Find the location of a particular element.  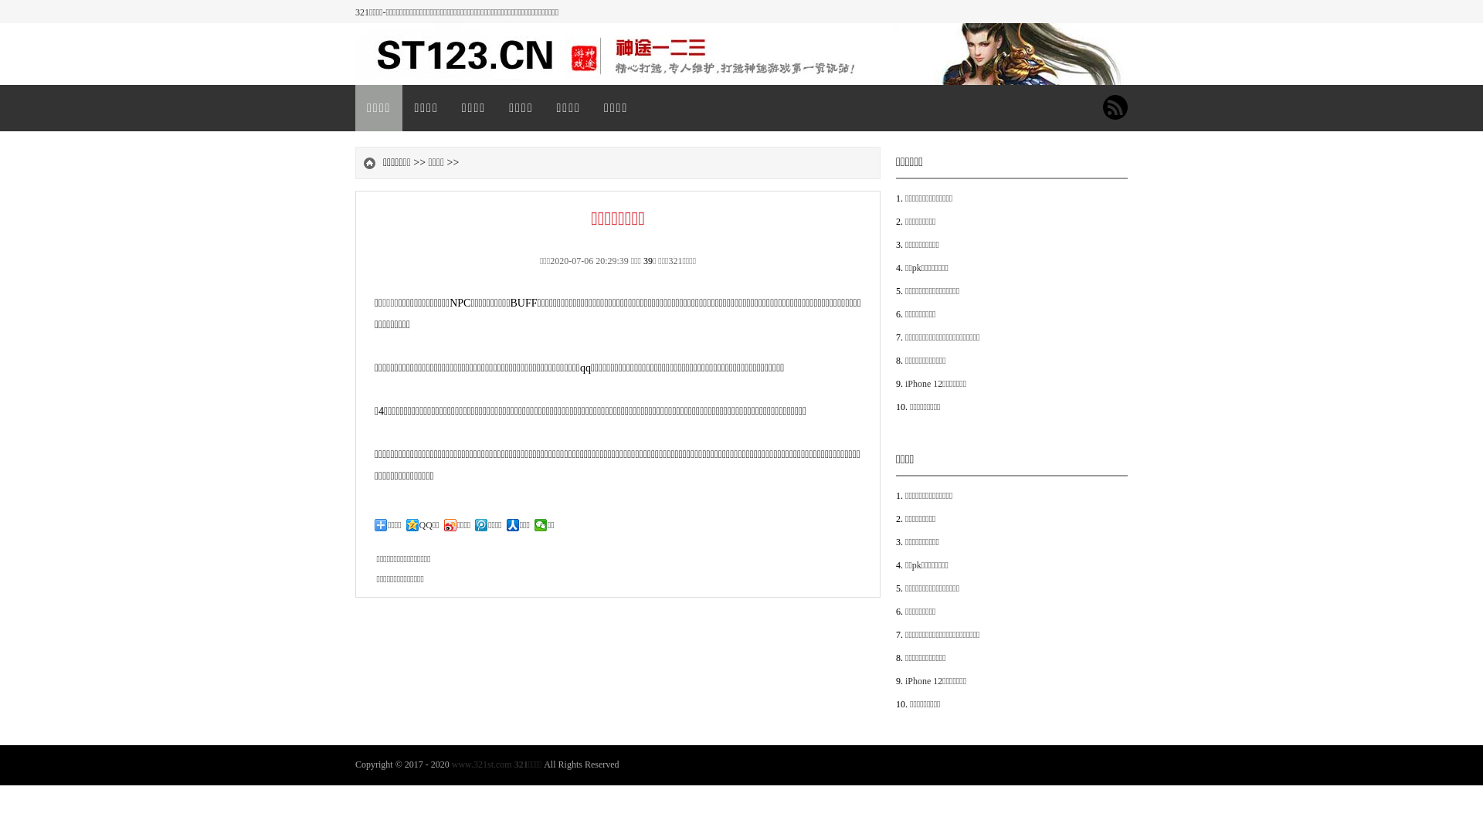

'www.321st.com' is located at coordinates (481, 764).